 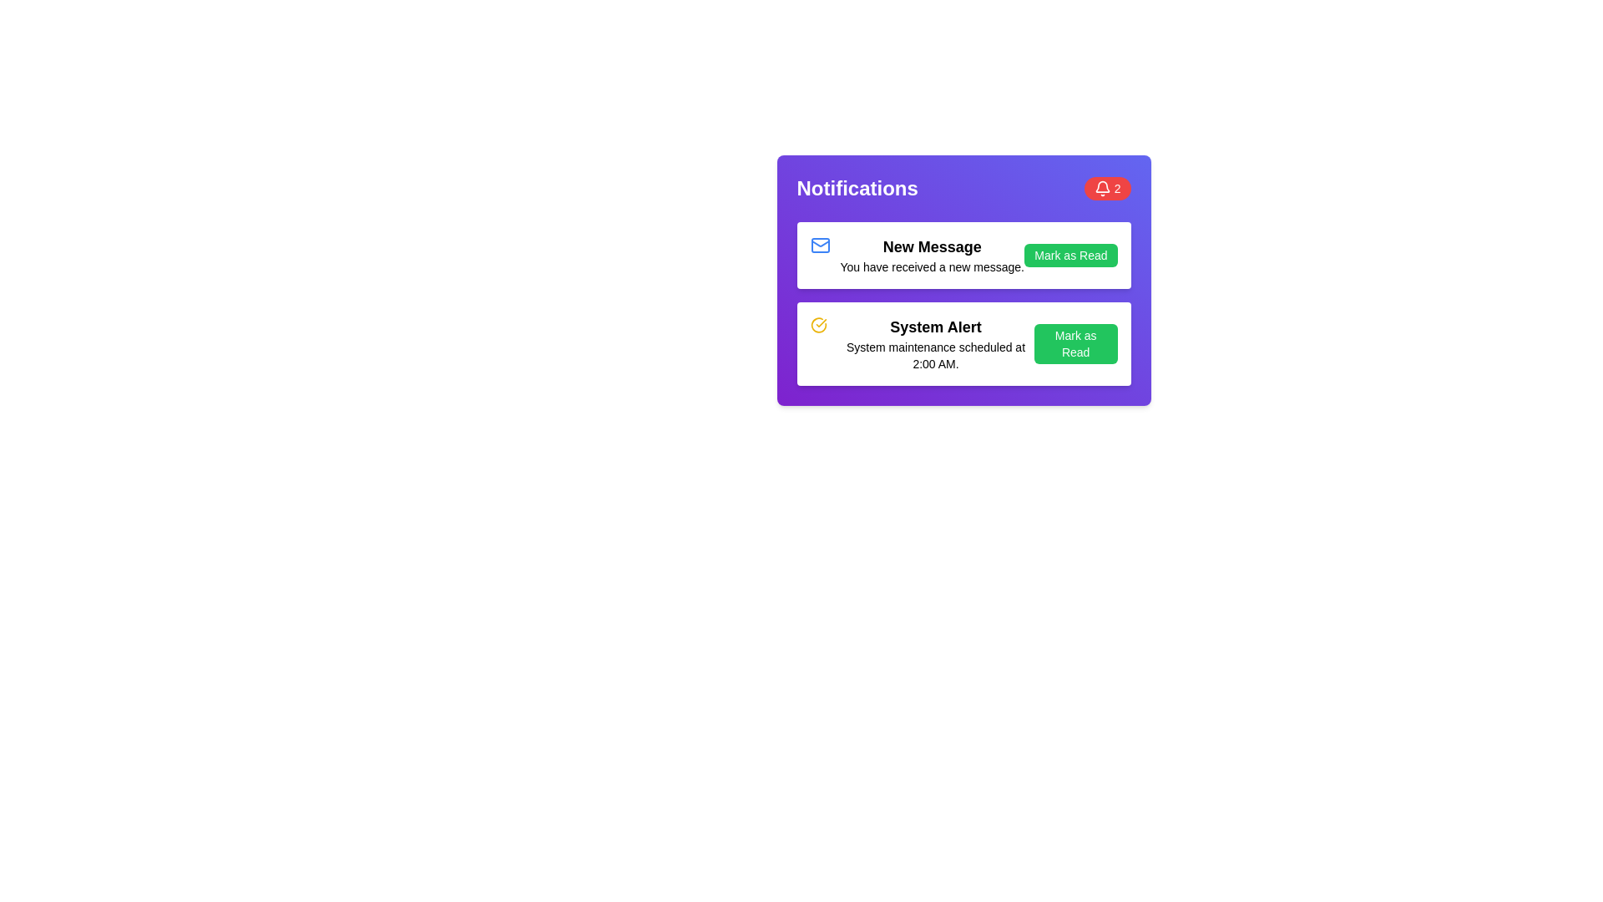 I want to click on the 'Mark as Read' button, which is a rectangular button with a green background and white text, located at the bottom-right corner of the notifications panel to mark the notification as read, so click(x=1075, y=343).